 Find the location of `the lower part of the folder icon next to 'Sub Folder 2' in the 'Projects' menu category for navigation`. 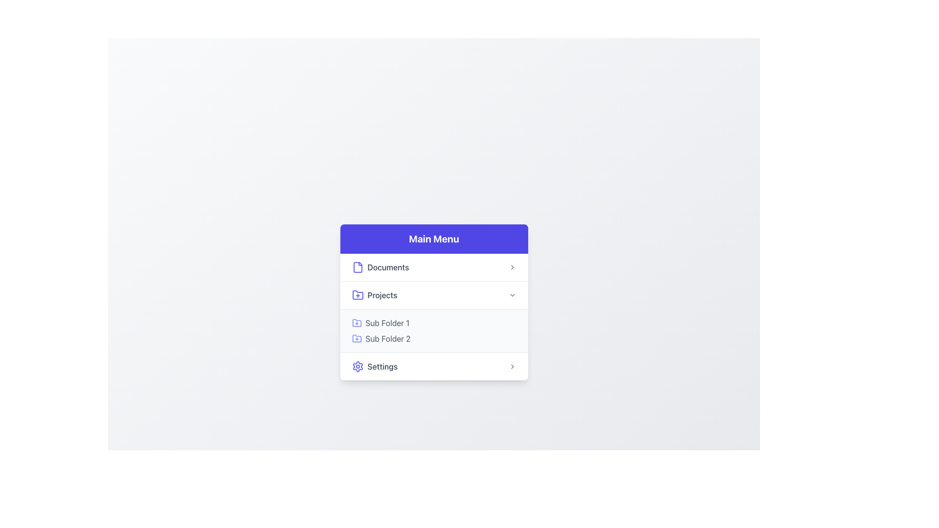

the lower part of the folder icon next to 'Sub Folder 2' in the 'Projects' menu category for navigation is located at coordinates (356, 338).